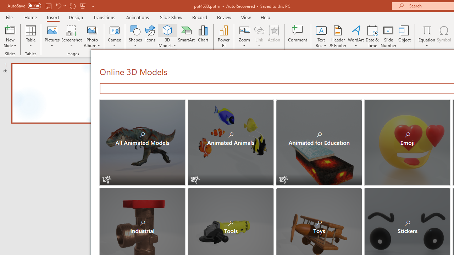 The width and height of the screenshot is (454, 255). Describe the element at coordinates (72, 36) in the screenshot. I see `'Screenshot'` at that location.